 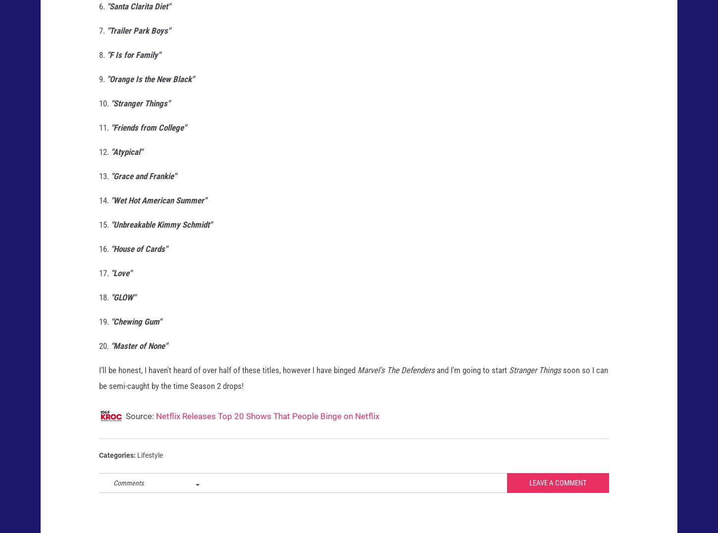 What do you see at coordinates (104, 257) in the screenshot?
I see `'16.'` at bounding box center [104, 257].